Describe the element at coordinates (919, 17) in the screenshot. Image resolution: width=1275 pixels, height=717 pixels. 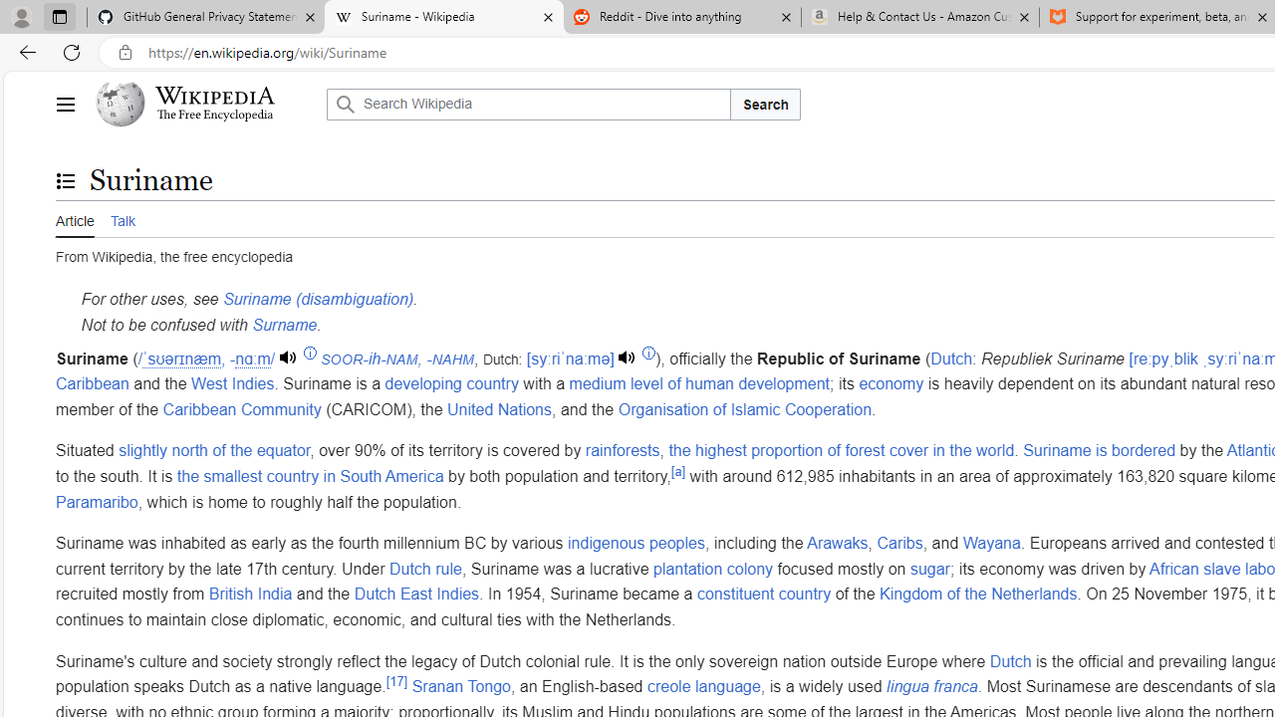
I see `'Help & Contact Us - Amazon Customer Service - Sleeping'` at that location.